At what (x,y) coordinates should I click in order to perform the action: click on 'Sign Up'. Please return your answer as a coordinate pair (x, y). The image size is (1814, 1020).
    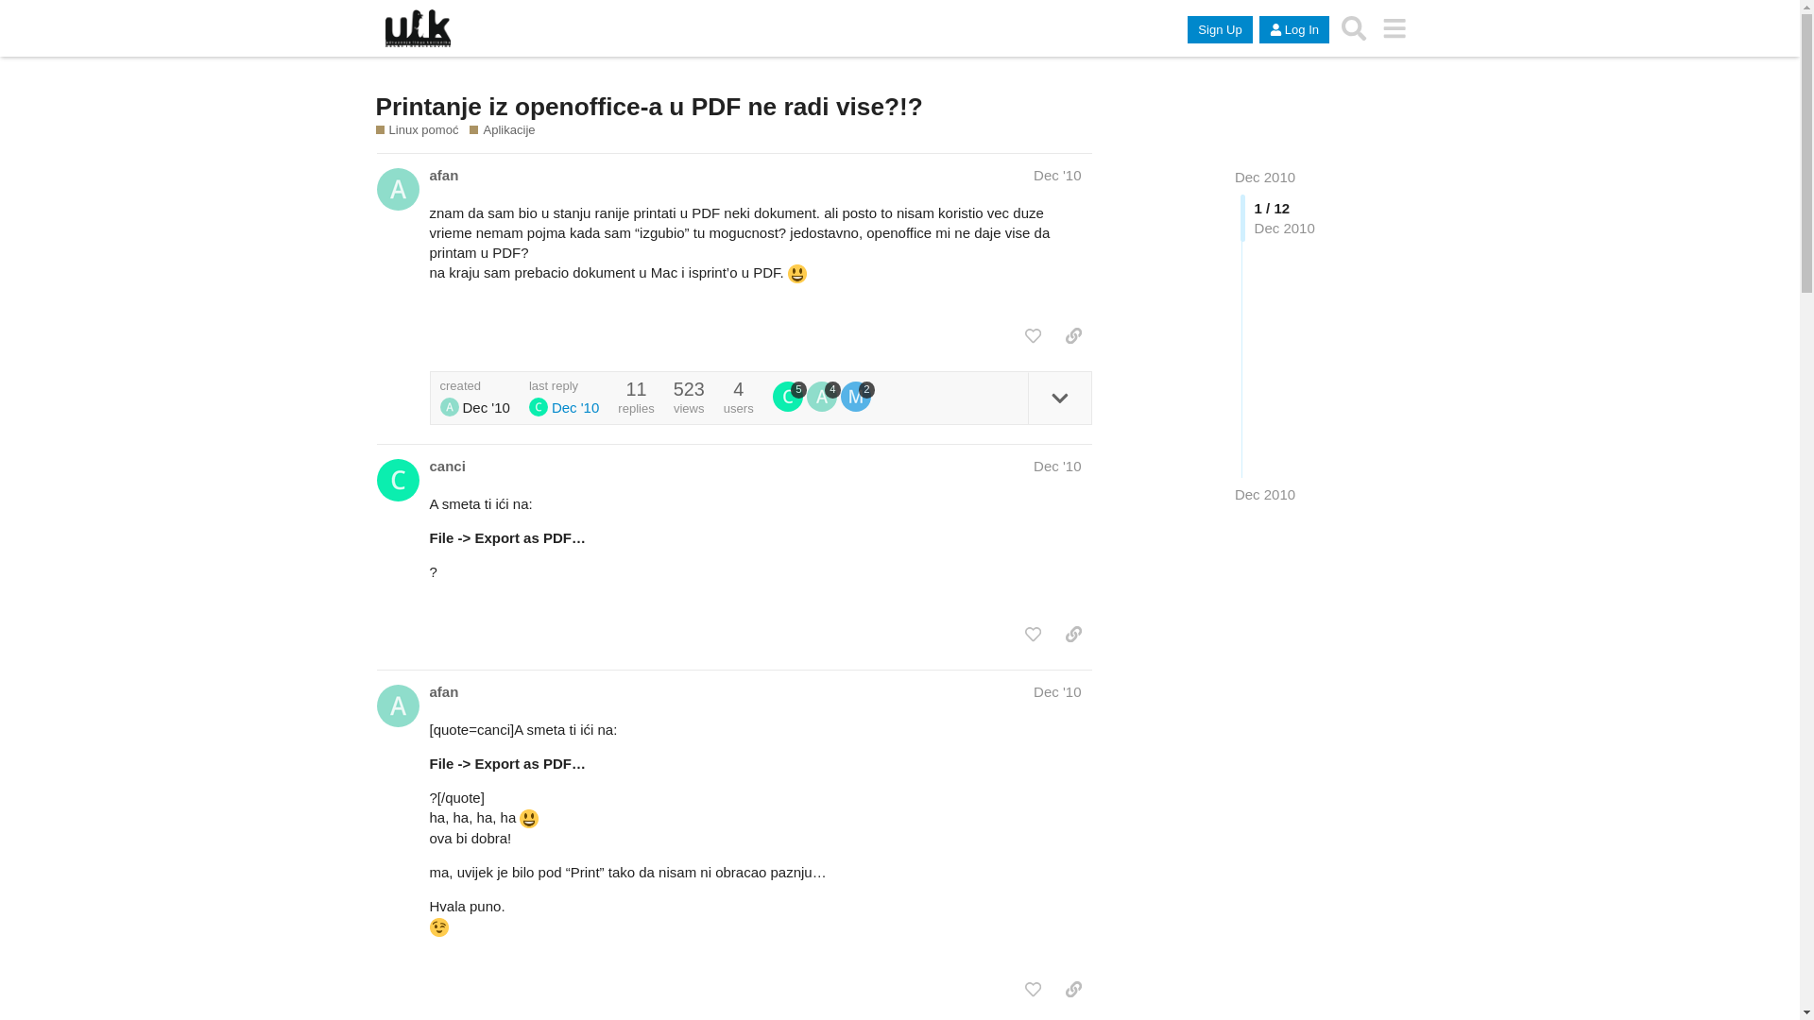
    Looking at the image, I should click on (1220, 29).